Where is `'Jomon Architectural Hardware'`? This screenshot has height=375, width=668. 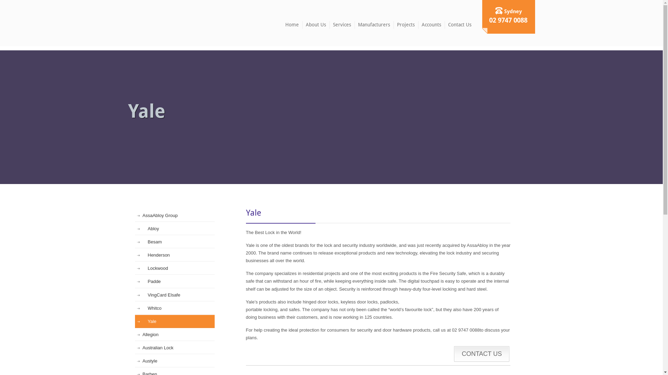
'Jomon Architectural Hardware' is located at coordinates (158, 22).